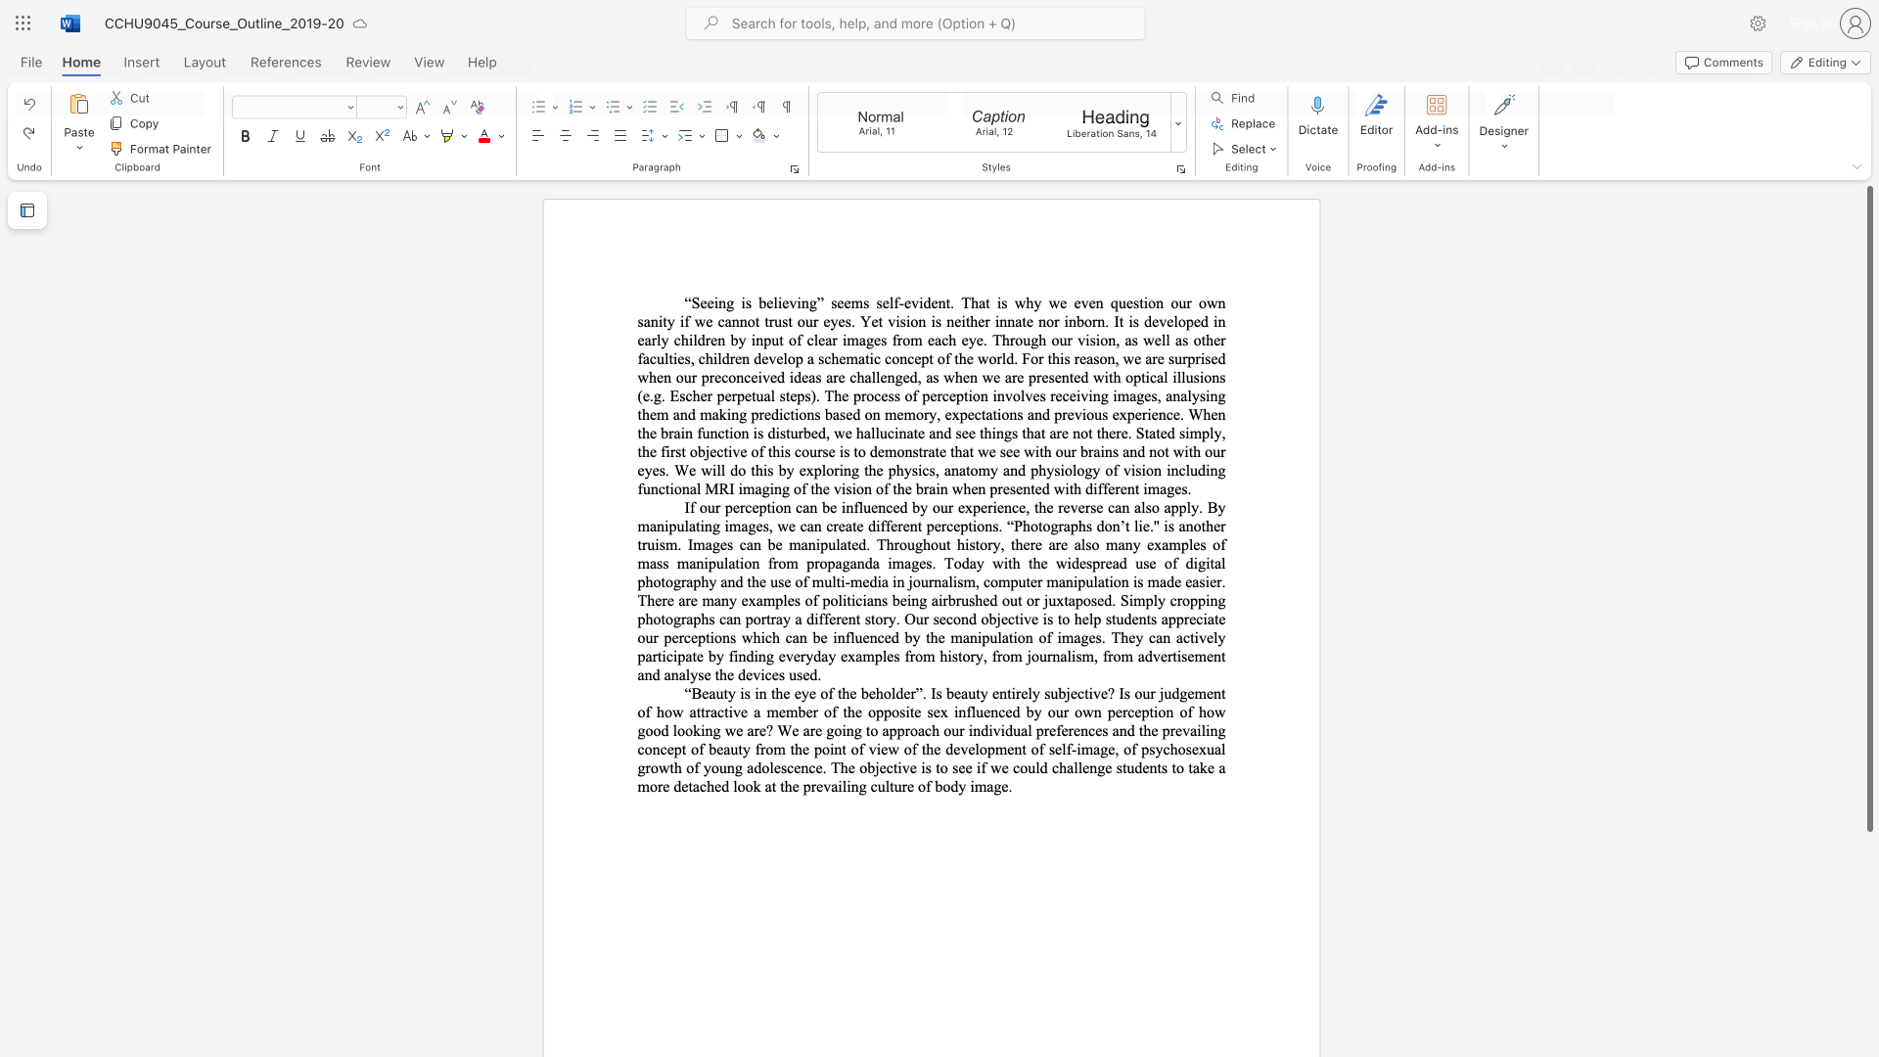 The width and height of the screenshot is (1879, 1057). What do you see at coordinates (1868, 957) in the screenshot?
I see `the scrollbar on the right side to scroll the page down` at bounding box center [1868, 957].